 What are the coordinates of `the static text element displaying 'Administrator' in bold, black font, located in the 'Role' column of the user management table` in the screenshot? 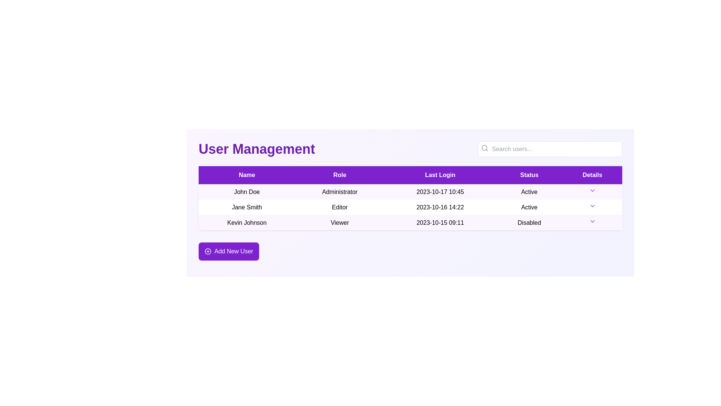 It's located at (339, 191).